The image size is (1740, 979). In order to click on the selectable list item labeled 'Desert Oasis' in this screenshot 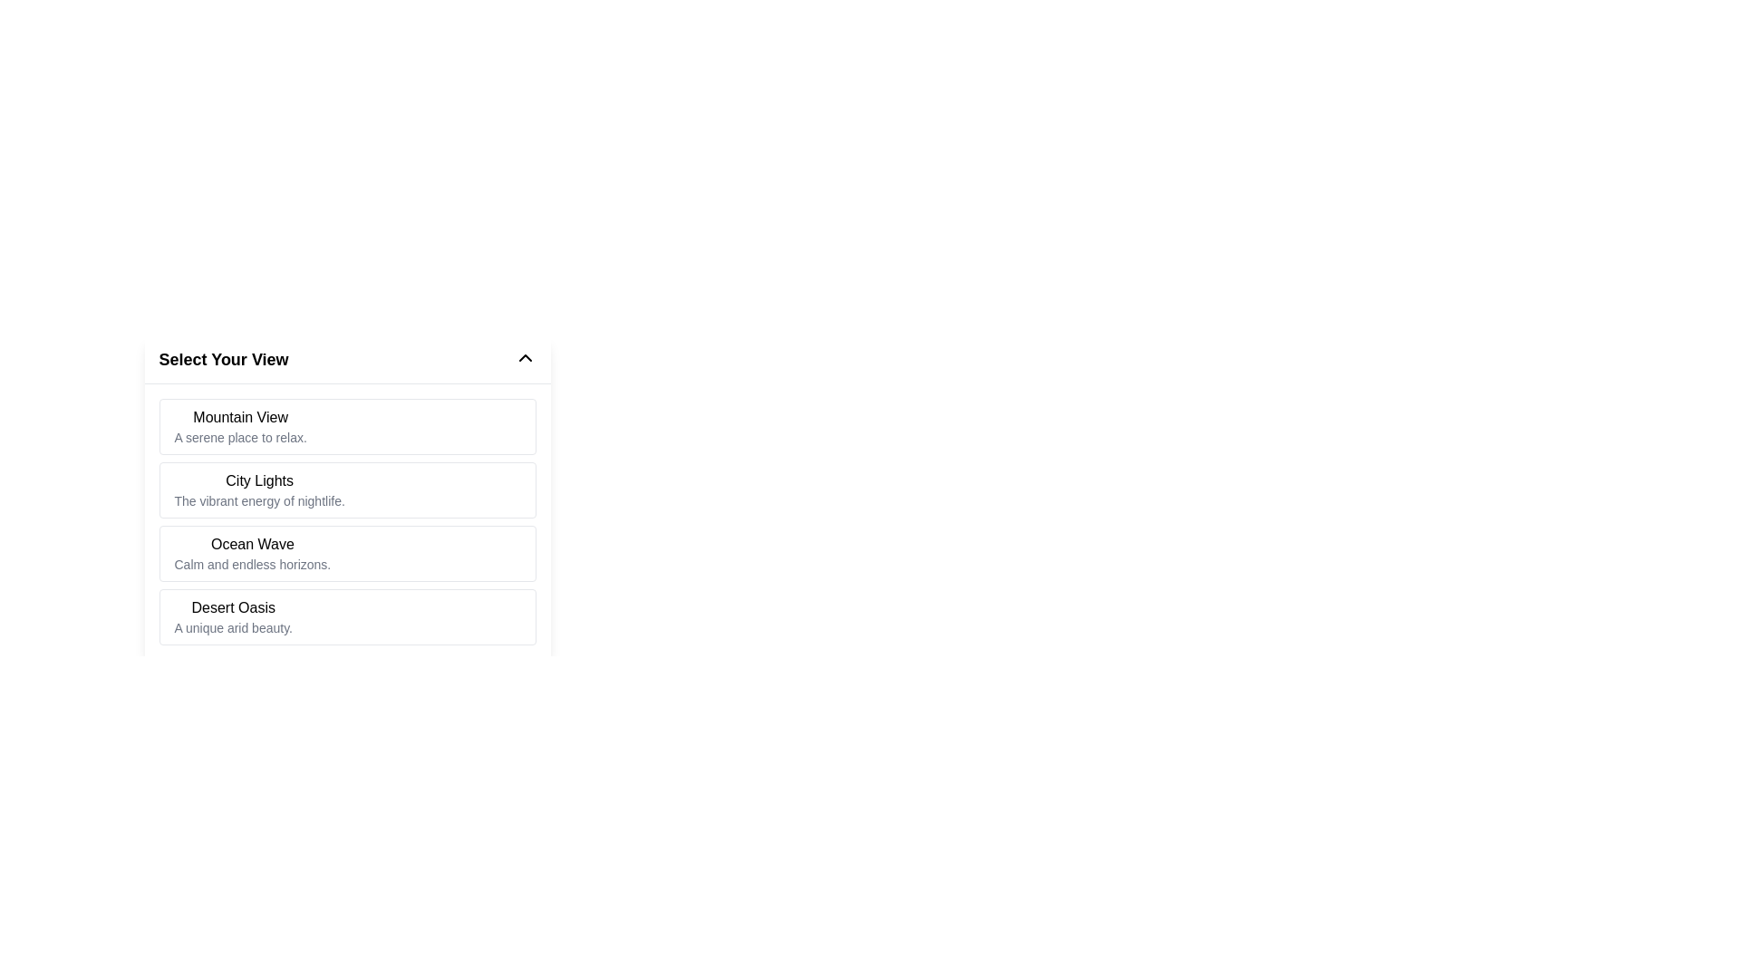, I will do `click(347, 616)`.